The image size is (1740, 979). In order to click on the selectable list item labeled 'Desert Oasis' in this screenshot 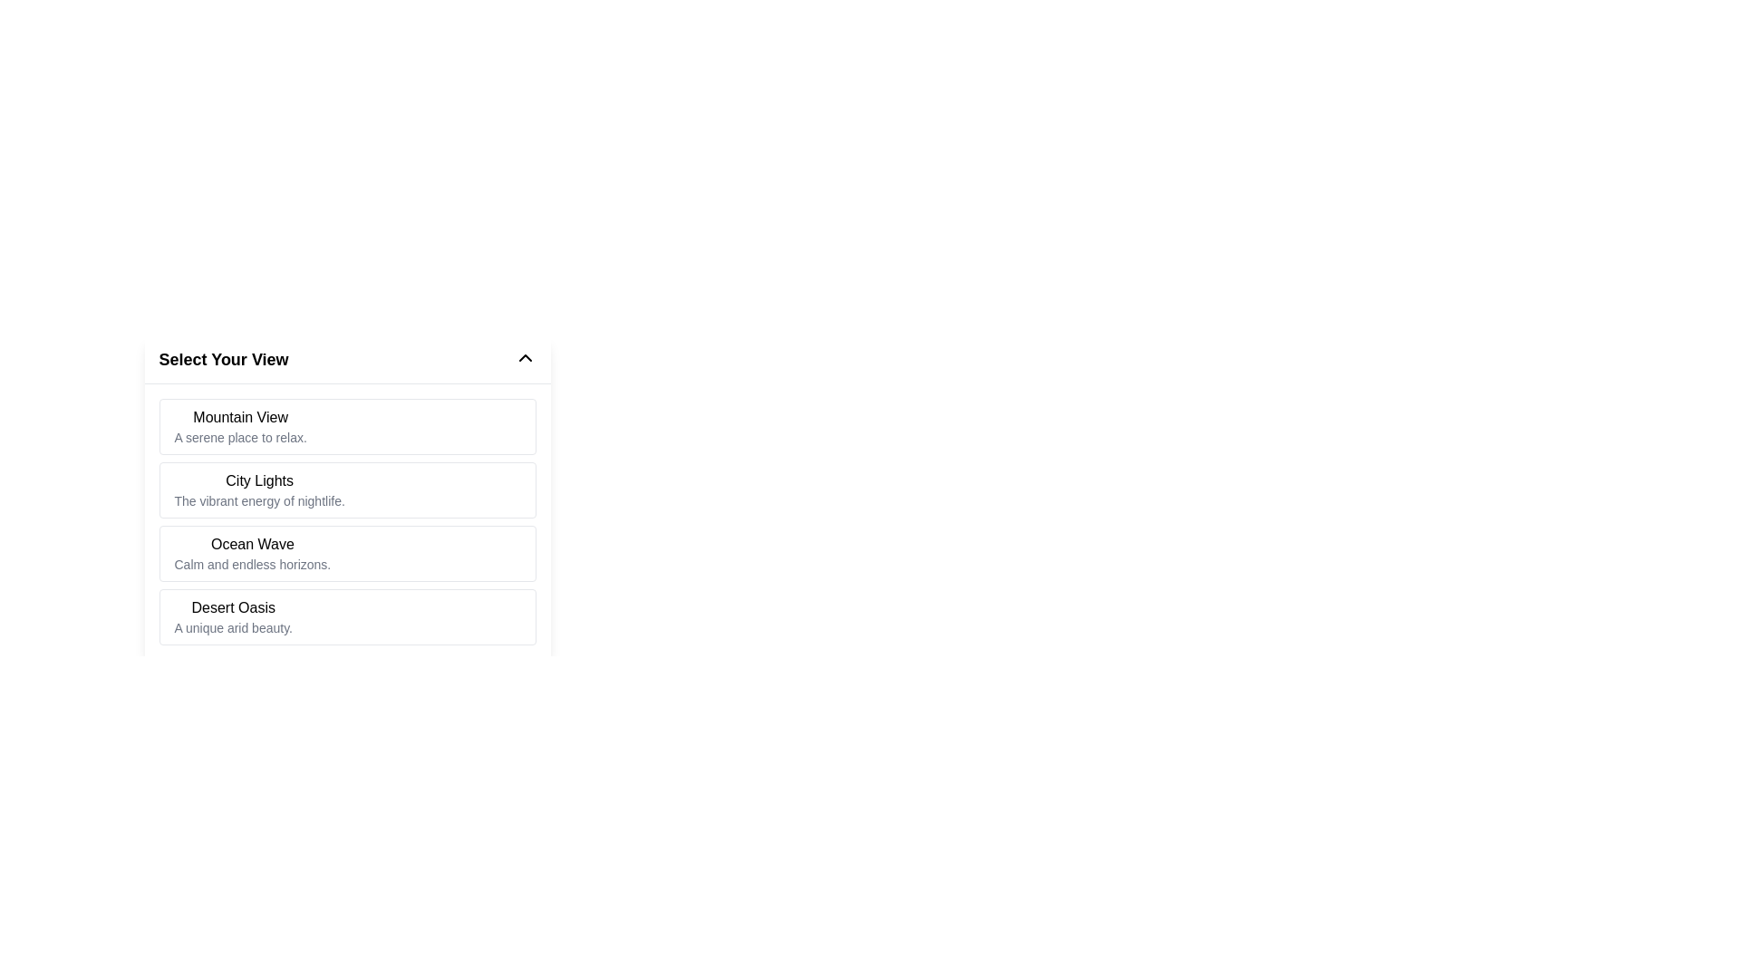, I will do `click(347, 616)`.